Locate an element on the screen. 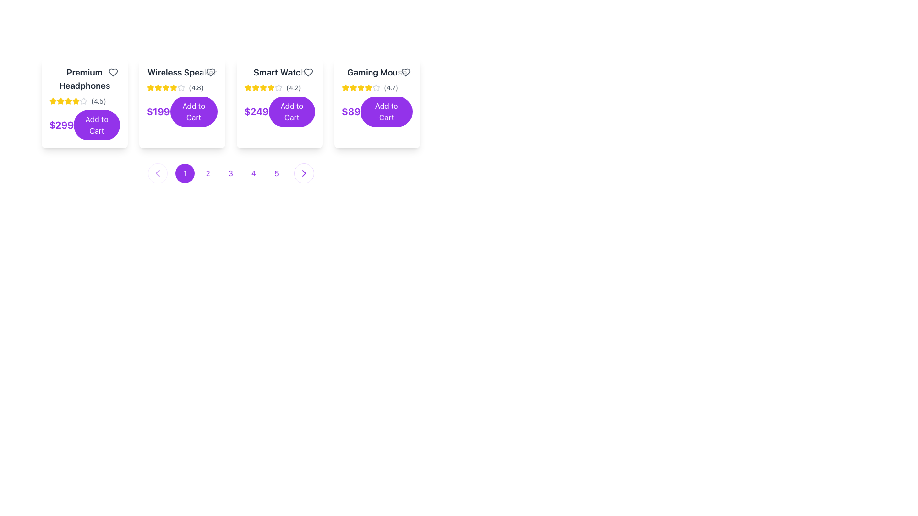 The width and height of the screenshot is (918, 516). the heart icon in the top-right corner of the fourth product card labeled 'Gaming Mouse' is located at coordinates (406, 72).